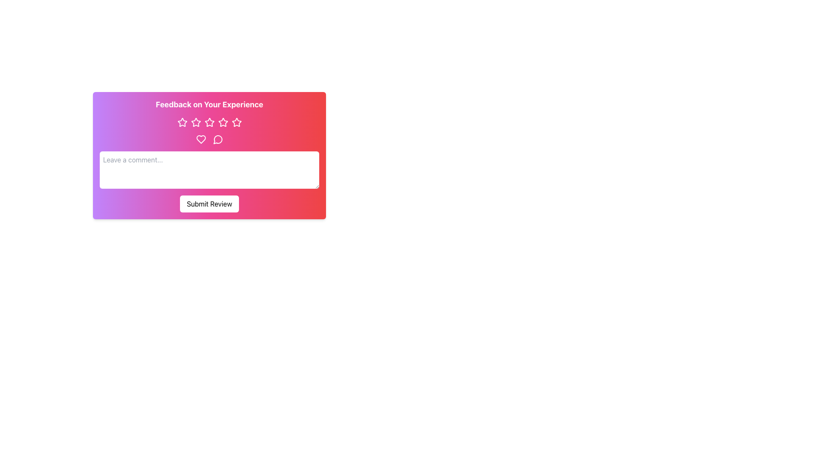  Describe the element at coordinates (218, 139) in the screenshot. I see `the circular speech bubble icon with a gradient pink color located near the bottom-center of the feedback section, adjacent to a heart icon` at that location.